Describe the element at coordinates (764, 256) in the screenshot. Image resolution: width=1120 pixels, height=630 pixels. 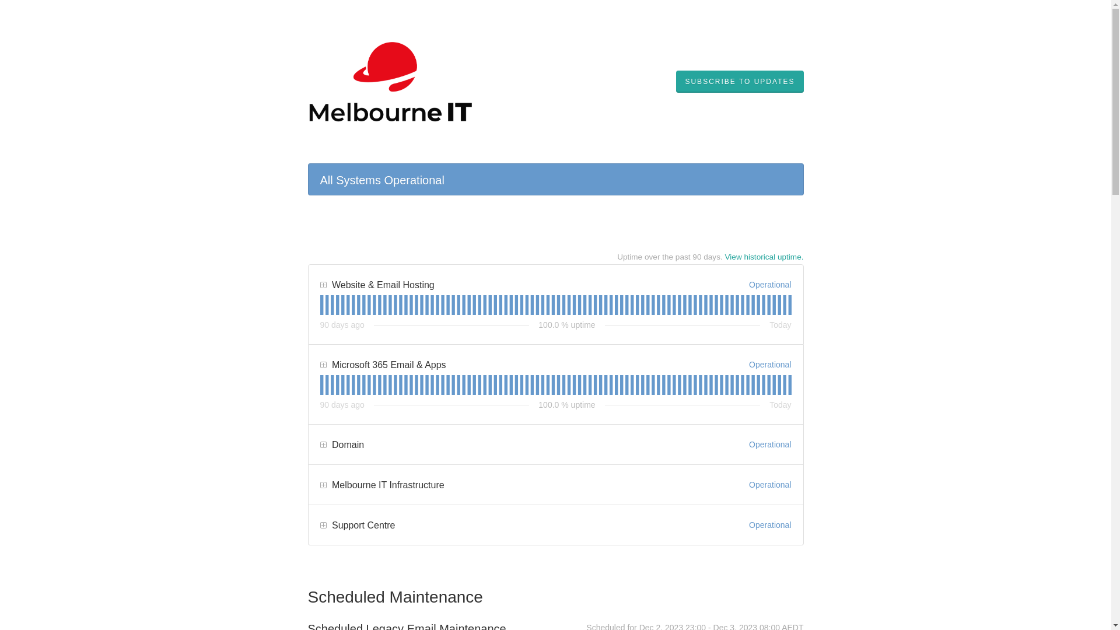
I see `'View historical uptime.'` at that location.